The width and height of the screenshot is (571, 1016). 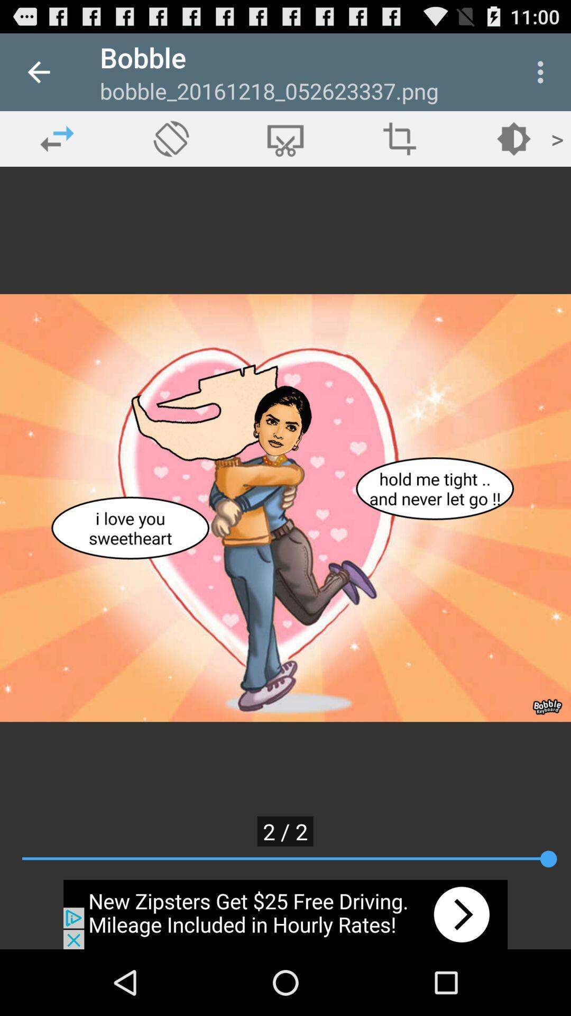 I want to click on previous, so click(x=57, y=138).